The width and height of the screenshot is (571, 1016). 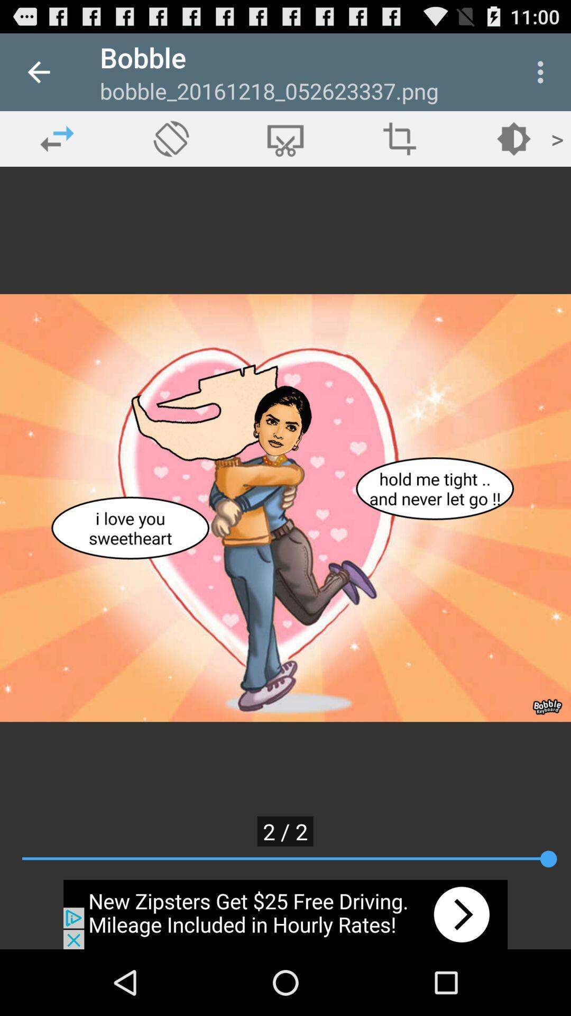 I want to click on previous, so click(x=57, y=138).